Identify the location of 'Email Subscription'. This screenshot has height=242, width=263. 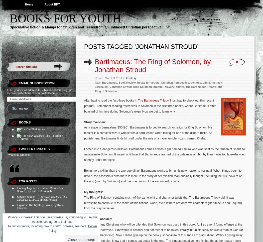
(18, 83).